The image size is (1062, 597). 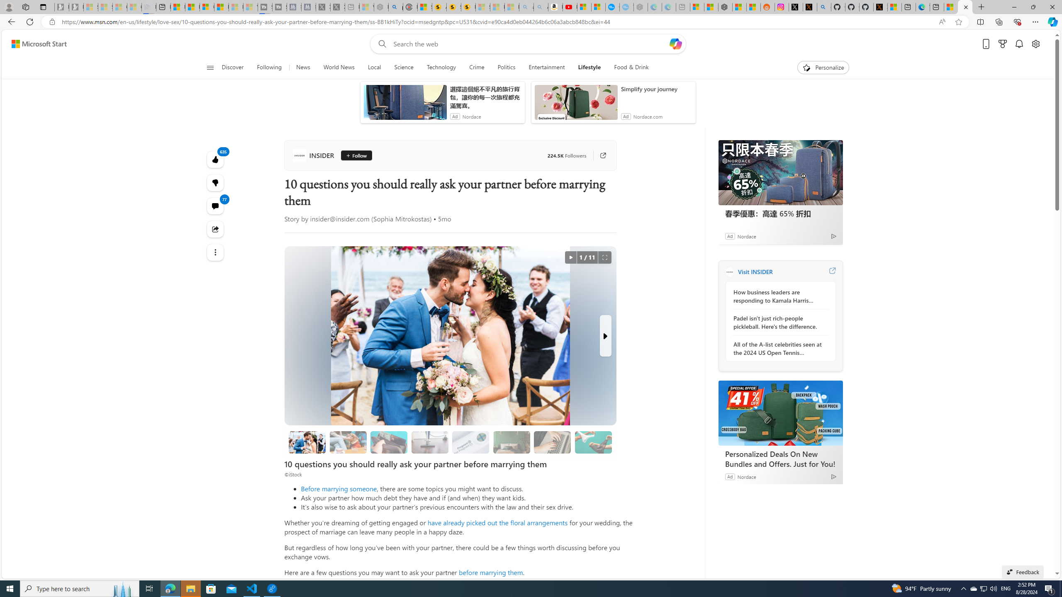 I want to click on 'X Privacy Policy', so click(x=880, y=7).